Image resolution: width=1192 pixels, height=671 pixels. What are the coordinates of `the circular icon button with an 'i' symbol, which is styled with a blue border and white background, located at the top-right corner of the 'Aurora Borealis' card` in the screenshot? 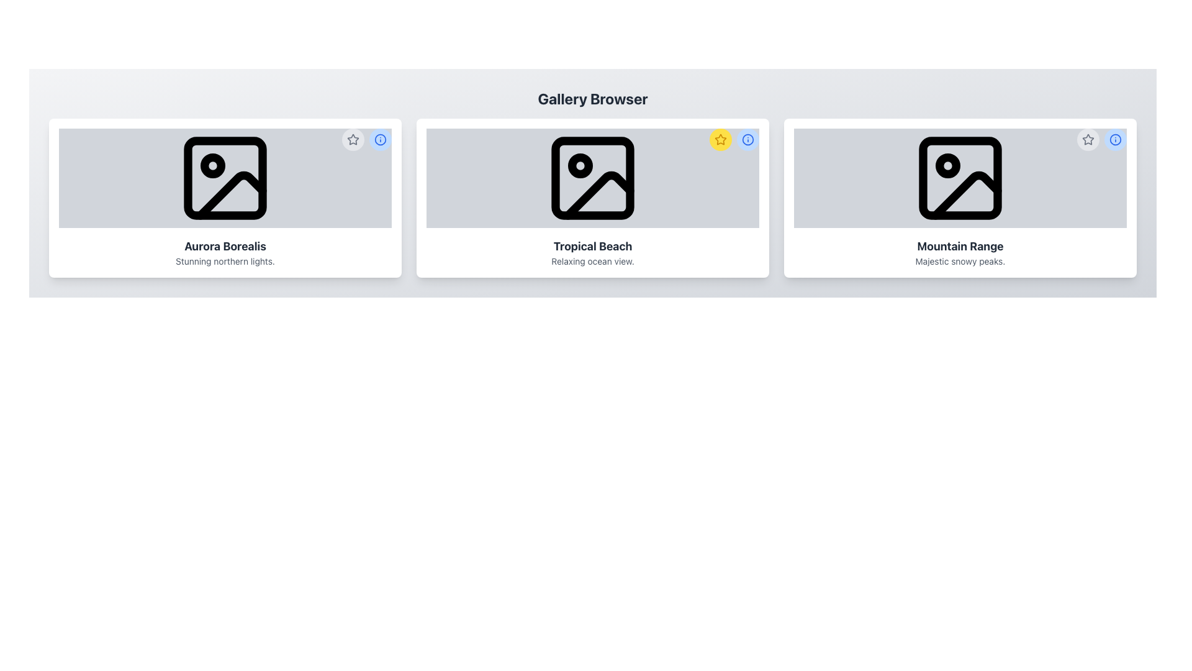 It's located at (380, 139).